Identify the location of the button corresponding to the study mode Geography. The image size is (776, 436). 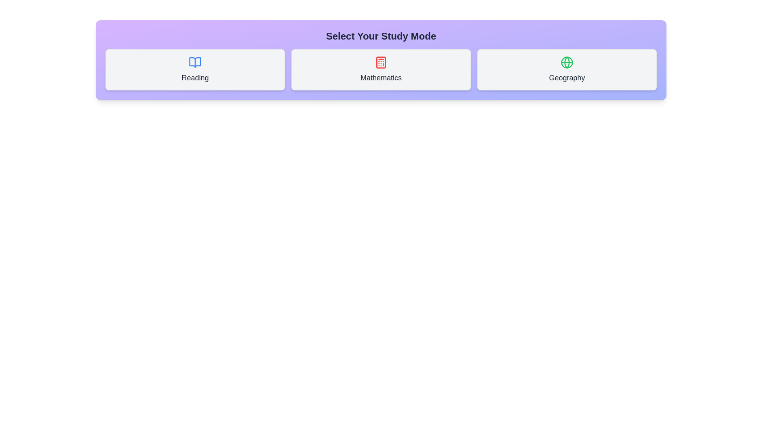
(566, 69).